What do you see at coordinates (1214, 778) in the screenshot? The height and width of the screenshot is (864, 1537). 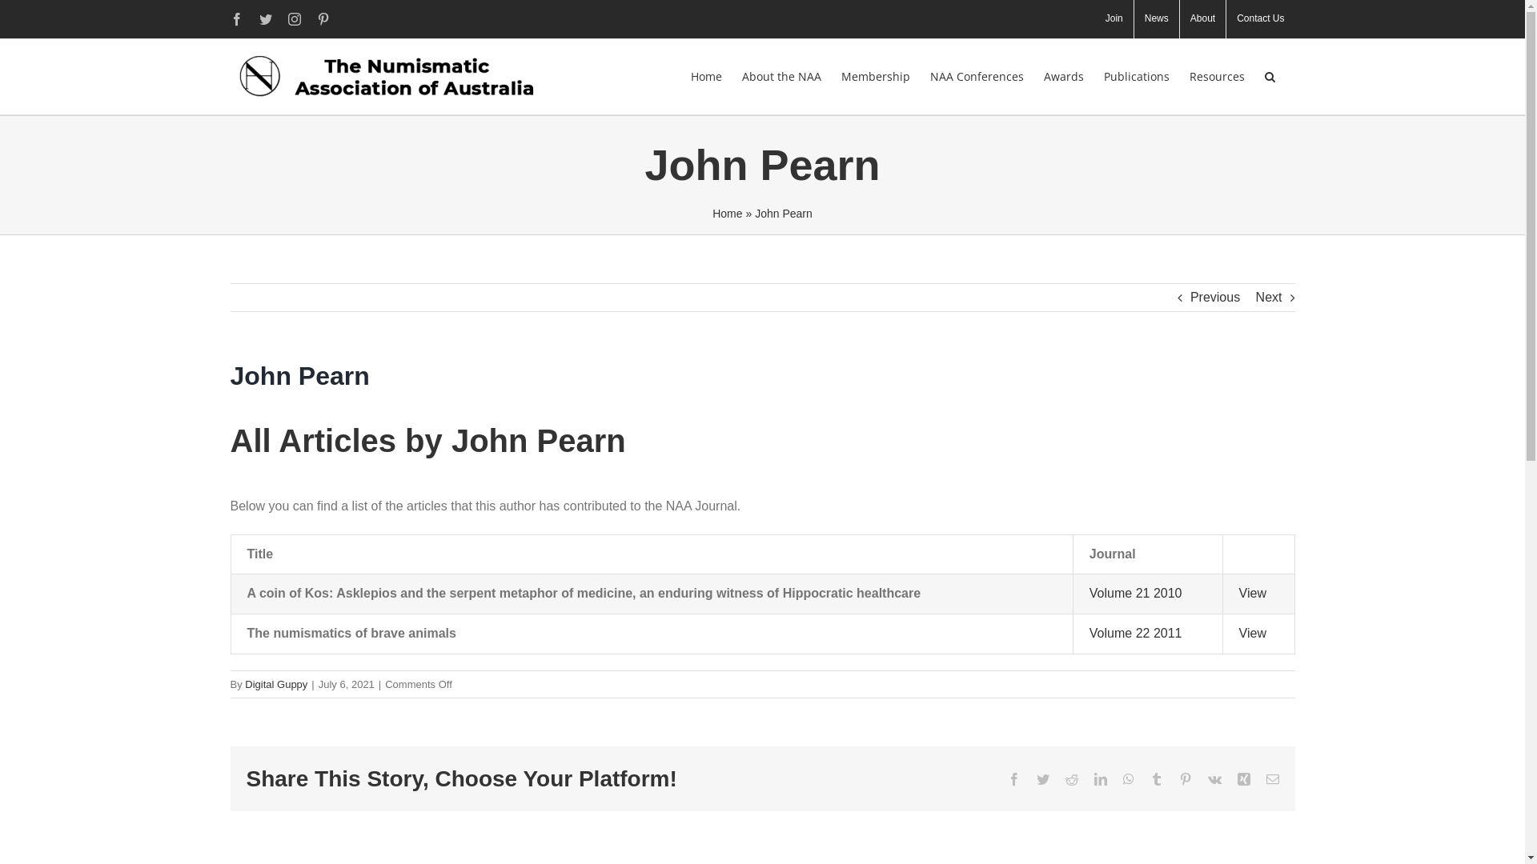 I see `'Vk'` at bounding box center [1214, 778].